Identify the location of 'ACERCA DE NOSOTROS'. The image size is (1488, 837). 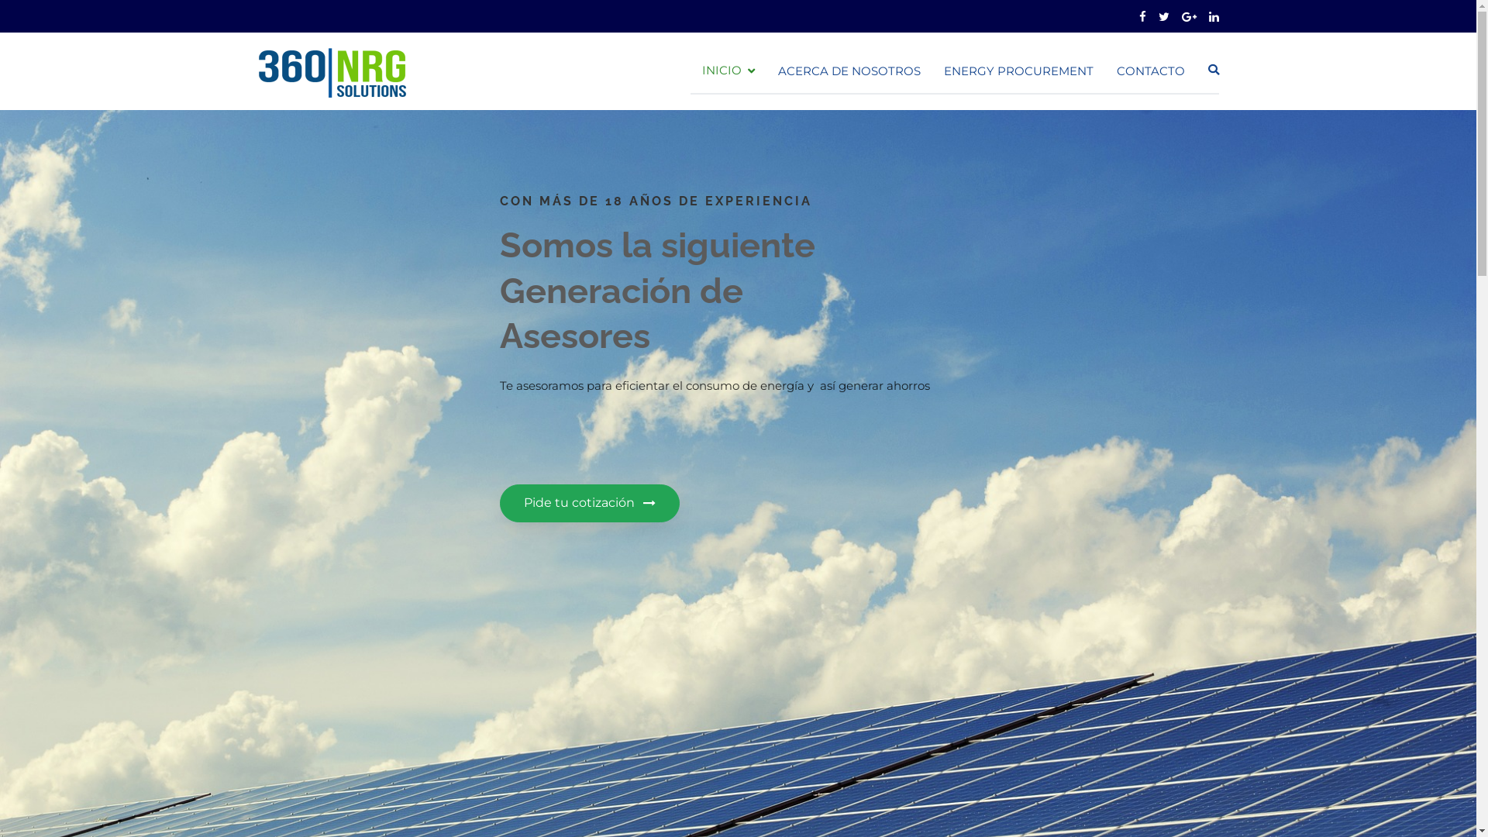
(848, 71).